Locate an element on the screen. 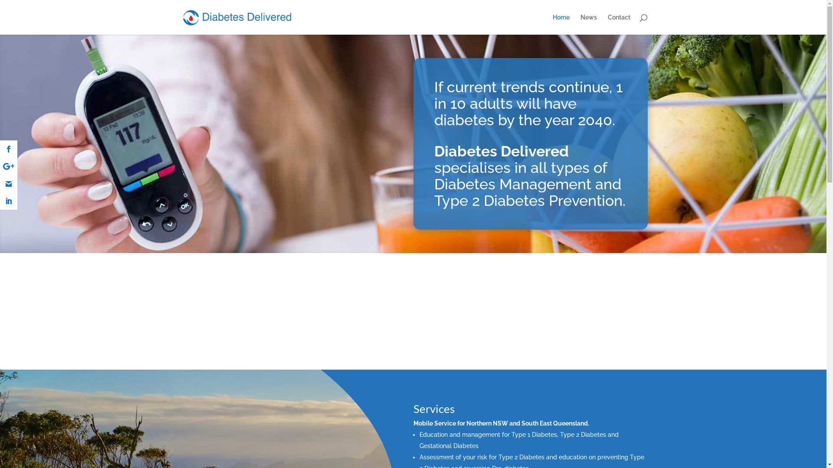 This screenshot has height=468, width=833. 'Home' is located at coordinates (561, 24).